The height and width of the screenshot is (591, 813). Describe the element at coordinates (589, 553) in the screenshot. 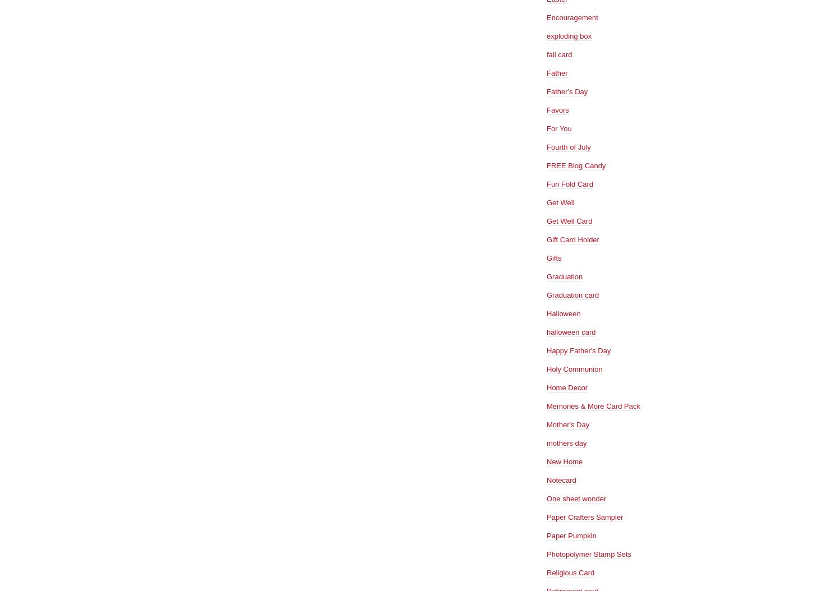

I see `'Photopolymer Stamp Sets'` at that location.